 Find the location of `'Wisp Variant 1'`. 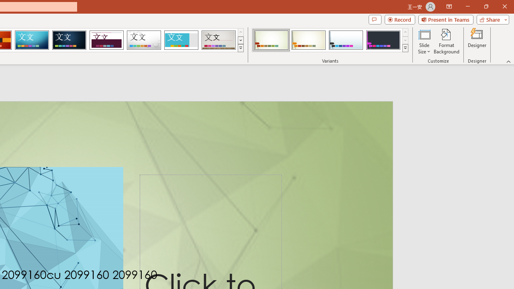

'Wisp Variant 1' is located at coordinates (271, 40).